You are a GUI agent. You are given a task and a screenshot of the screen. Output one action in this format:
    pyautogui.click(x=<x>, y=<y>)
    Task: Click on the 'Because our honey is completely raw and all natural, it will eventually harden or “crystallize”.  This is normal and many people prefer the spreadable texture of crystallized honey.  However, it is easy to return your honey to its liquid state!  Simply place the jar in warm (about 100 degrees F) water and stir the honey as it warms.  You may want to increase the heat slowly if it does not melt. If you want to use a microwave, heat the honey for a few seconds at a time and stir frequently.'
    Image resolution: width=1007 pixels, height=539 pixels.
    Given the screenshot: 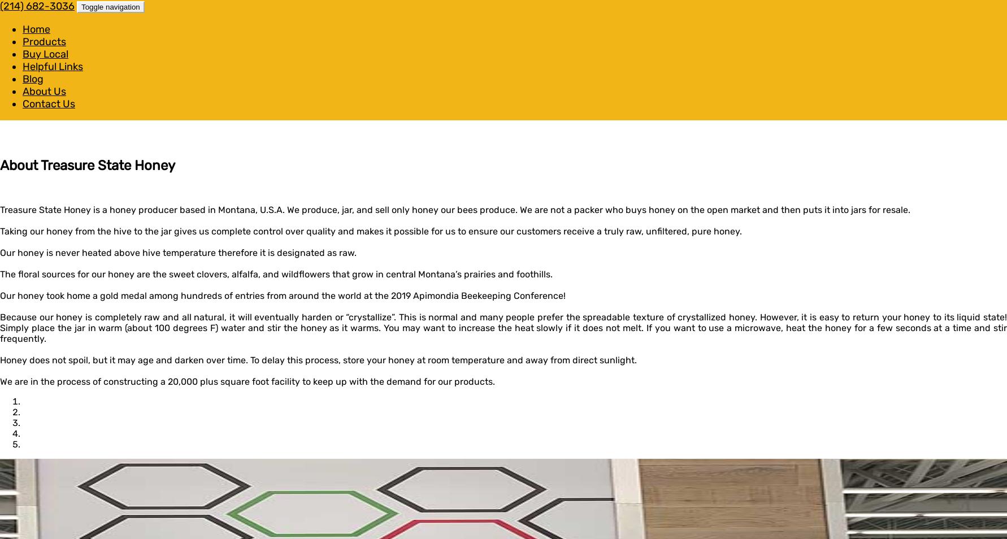 What is the action you would take?
    pyautogui.click(x=504, y=327)
    